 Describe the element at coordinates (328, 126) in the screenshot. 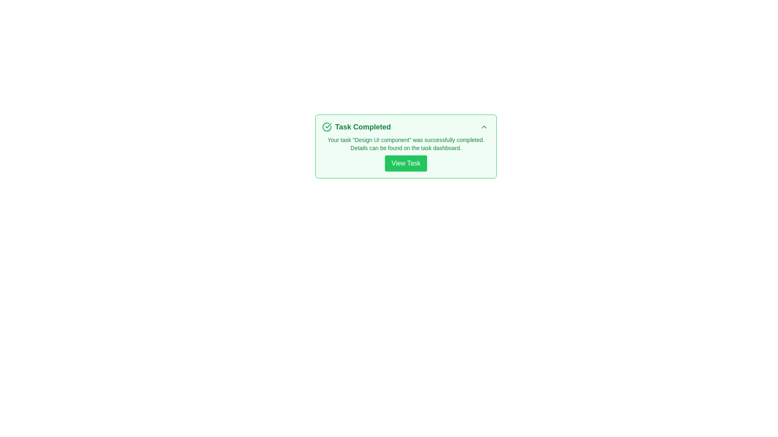

I see `the green checkmark within the circular icon located in the upper-left side of the notification box to indicate success` at that location.